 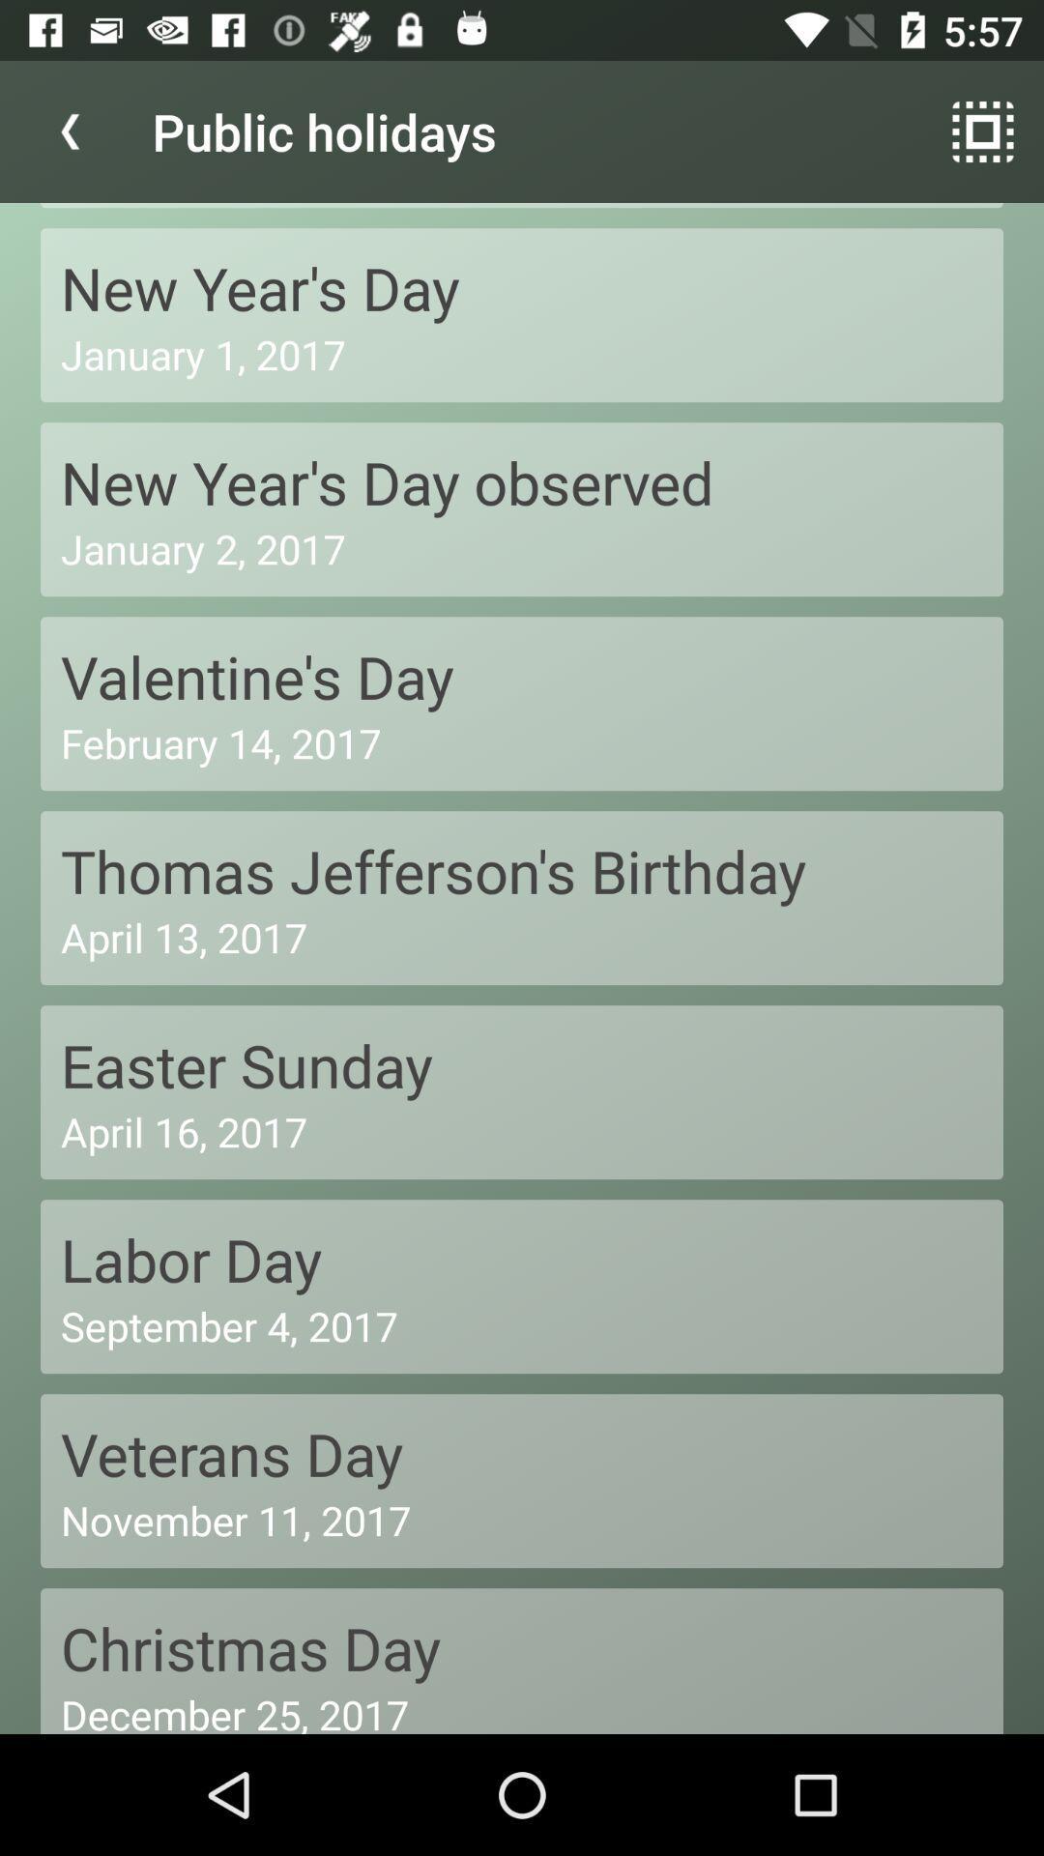 What do you see at coordinates (522, 741) in the screenshot?
I see `icon below valentine's day` at bounding box center [522, 741].